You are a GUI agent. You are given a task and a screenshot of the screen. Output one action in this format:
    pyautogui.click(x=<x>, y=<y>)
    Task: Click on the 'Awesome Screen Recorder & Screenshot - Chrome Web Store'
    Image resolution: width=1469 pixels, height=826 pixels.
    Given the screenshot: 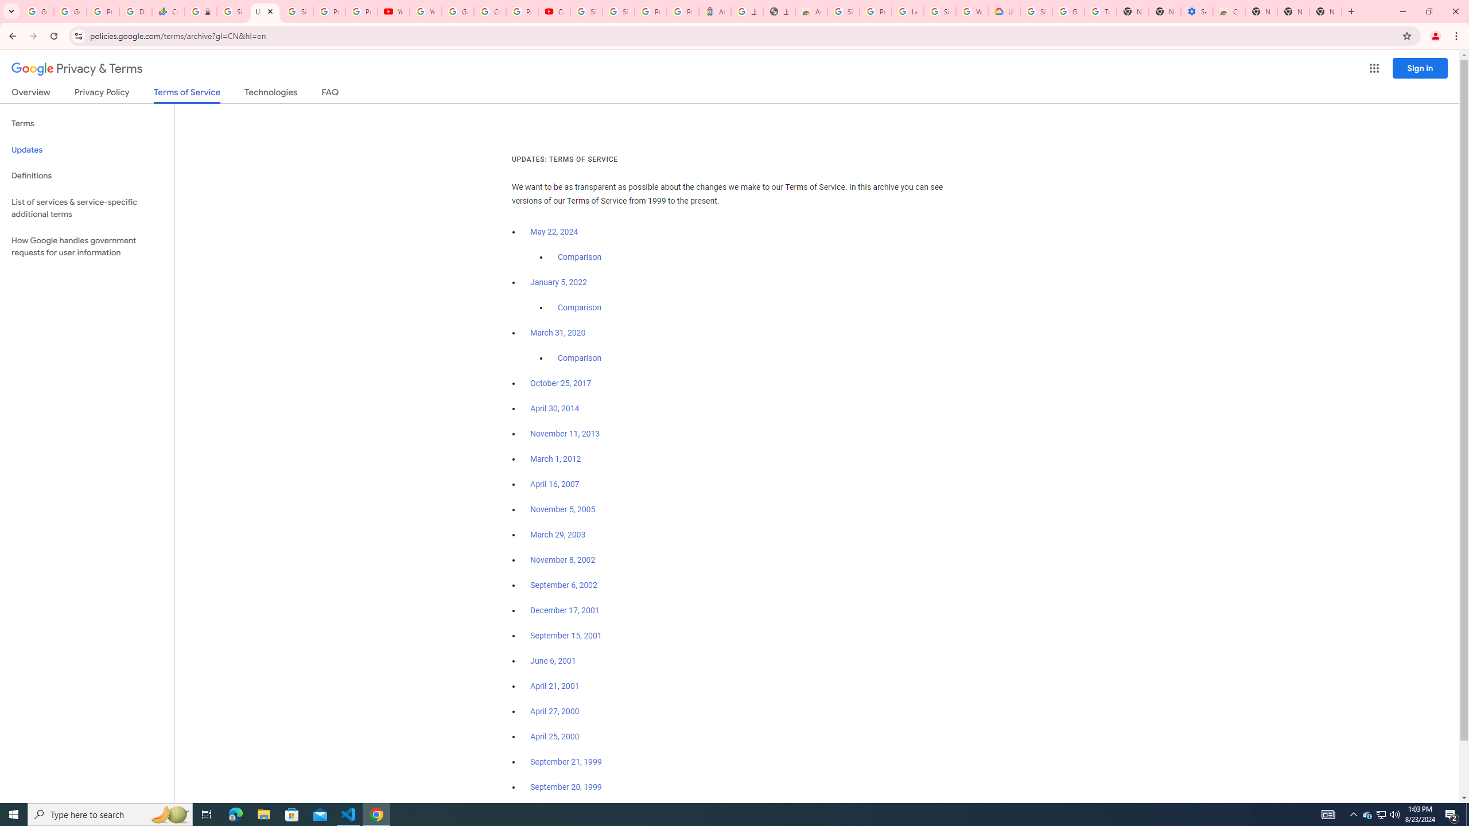 What is the action you would take?
    pyautogui.click(x=811, y=11)
    